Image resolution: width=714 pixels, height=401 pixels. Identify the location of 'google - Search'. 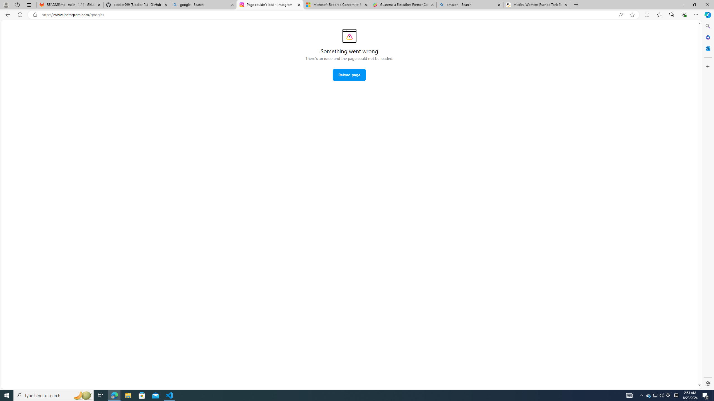
(203, 4).